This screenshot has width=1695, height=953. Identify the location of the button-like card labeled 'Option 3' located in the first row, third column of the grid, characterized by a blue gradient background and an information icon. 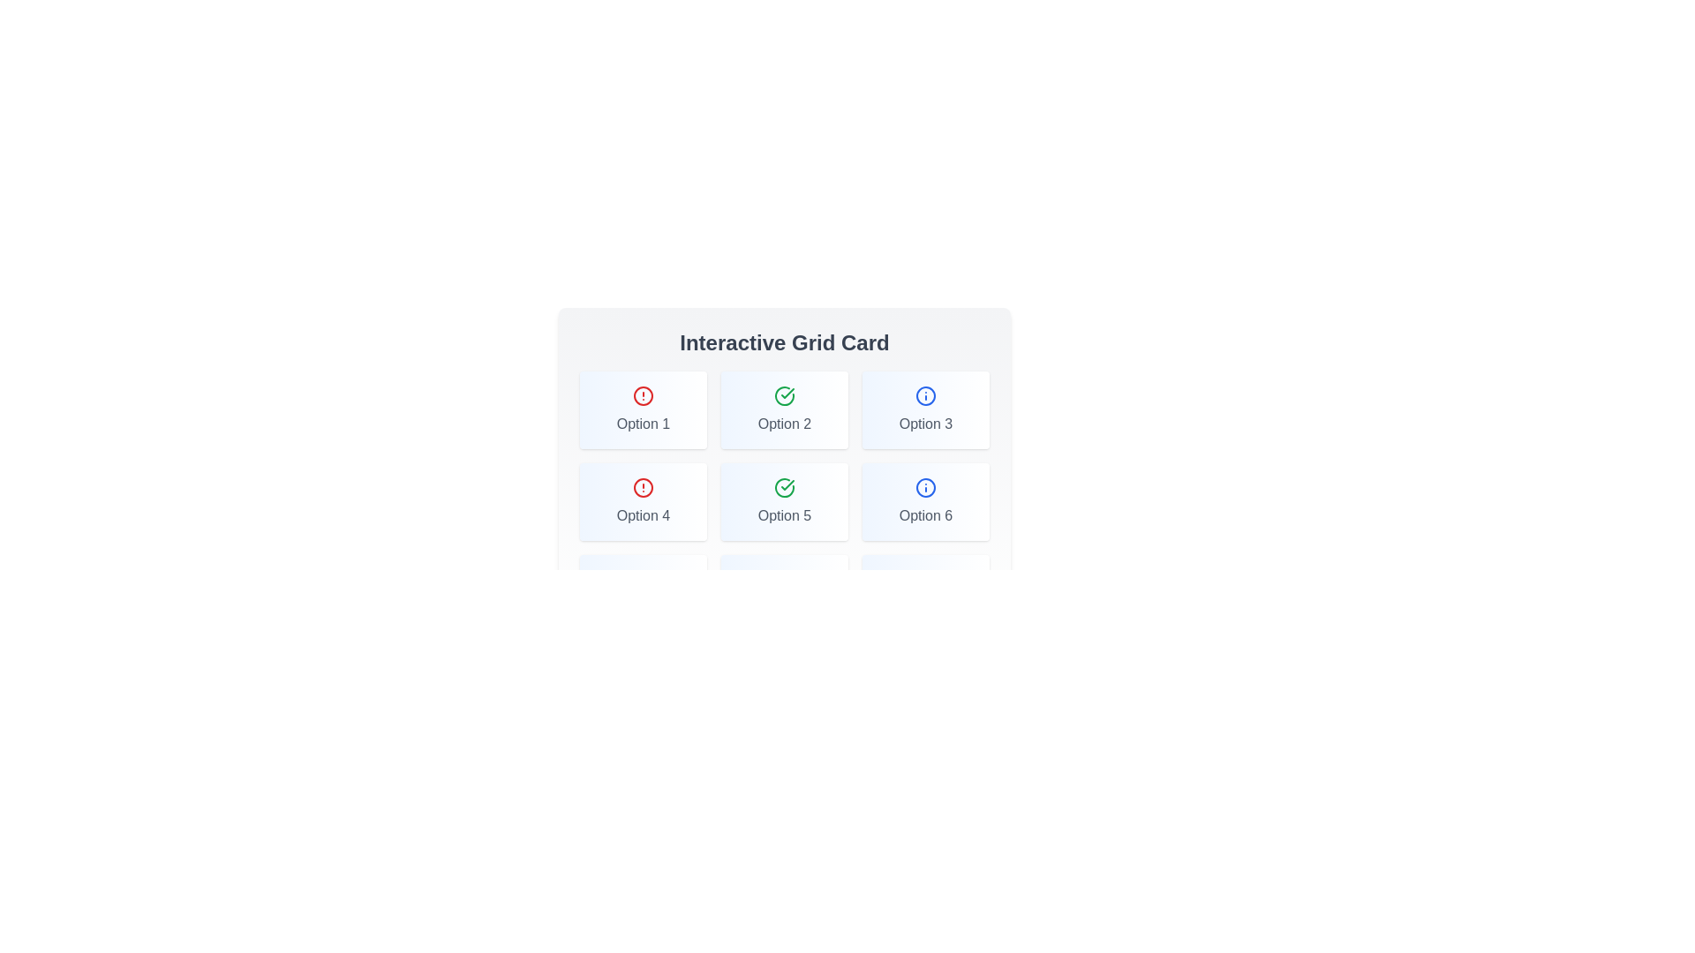
(925, 410).